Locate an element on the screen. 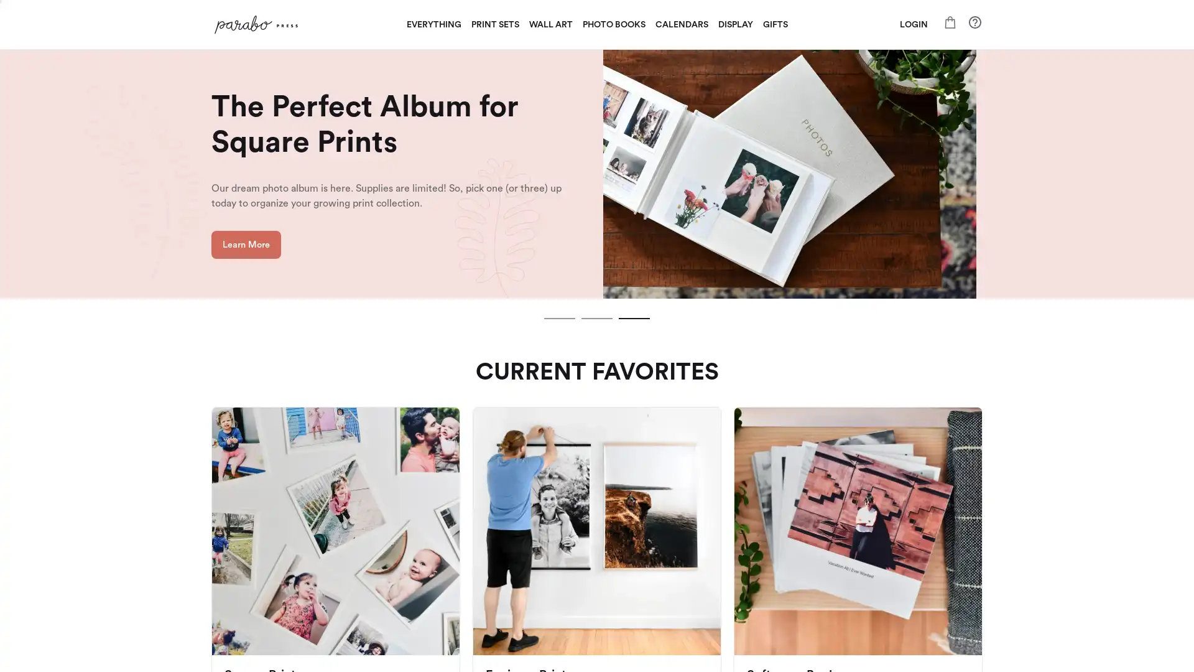  slide dot is located at coordinates (597, 318).